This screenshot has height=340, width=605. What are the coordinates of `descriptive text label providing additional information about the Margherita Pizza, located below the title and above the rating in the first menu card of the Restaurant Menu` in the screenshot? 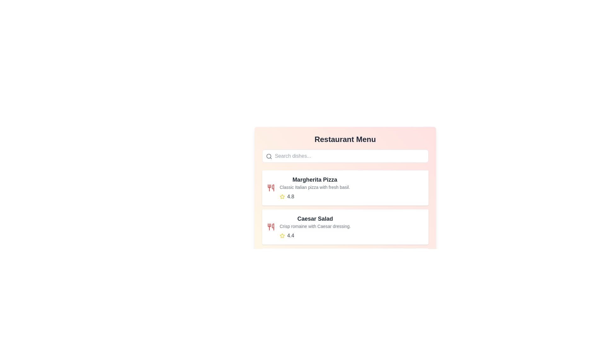 It's located at (315, 187).